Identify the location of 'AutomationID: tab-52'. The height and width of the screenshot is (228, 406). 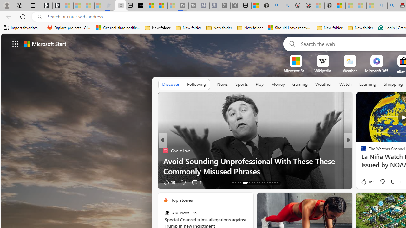
(274, 183).